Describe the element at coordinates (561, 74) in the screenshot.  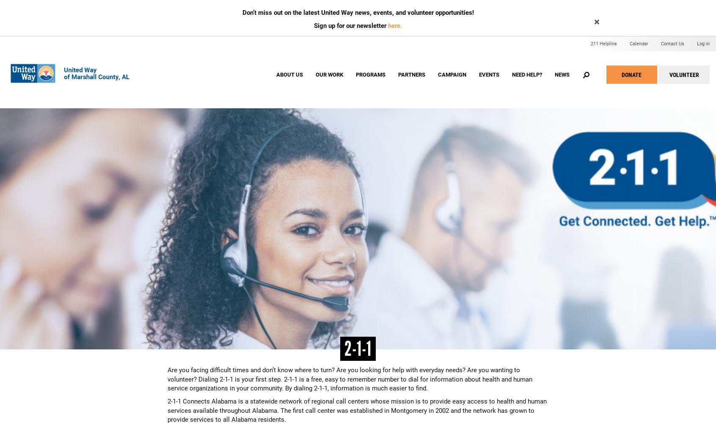
I see `'News'` at that location.